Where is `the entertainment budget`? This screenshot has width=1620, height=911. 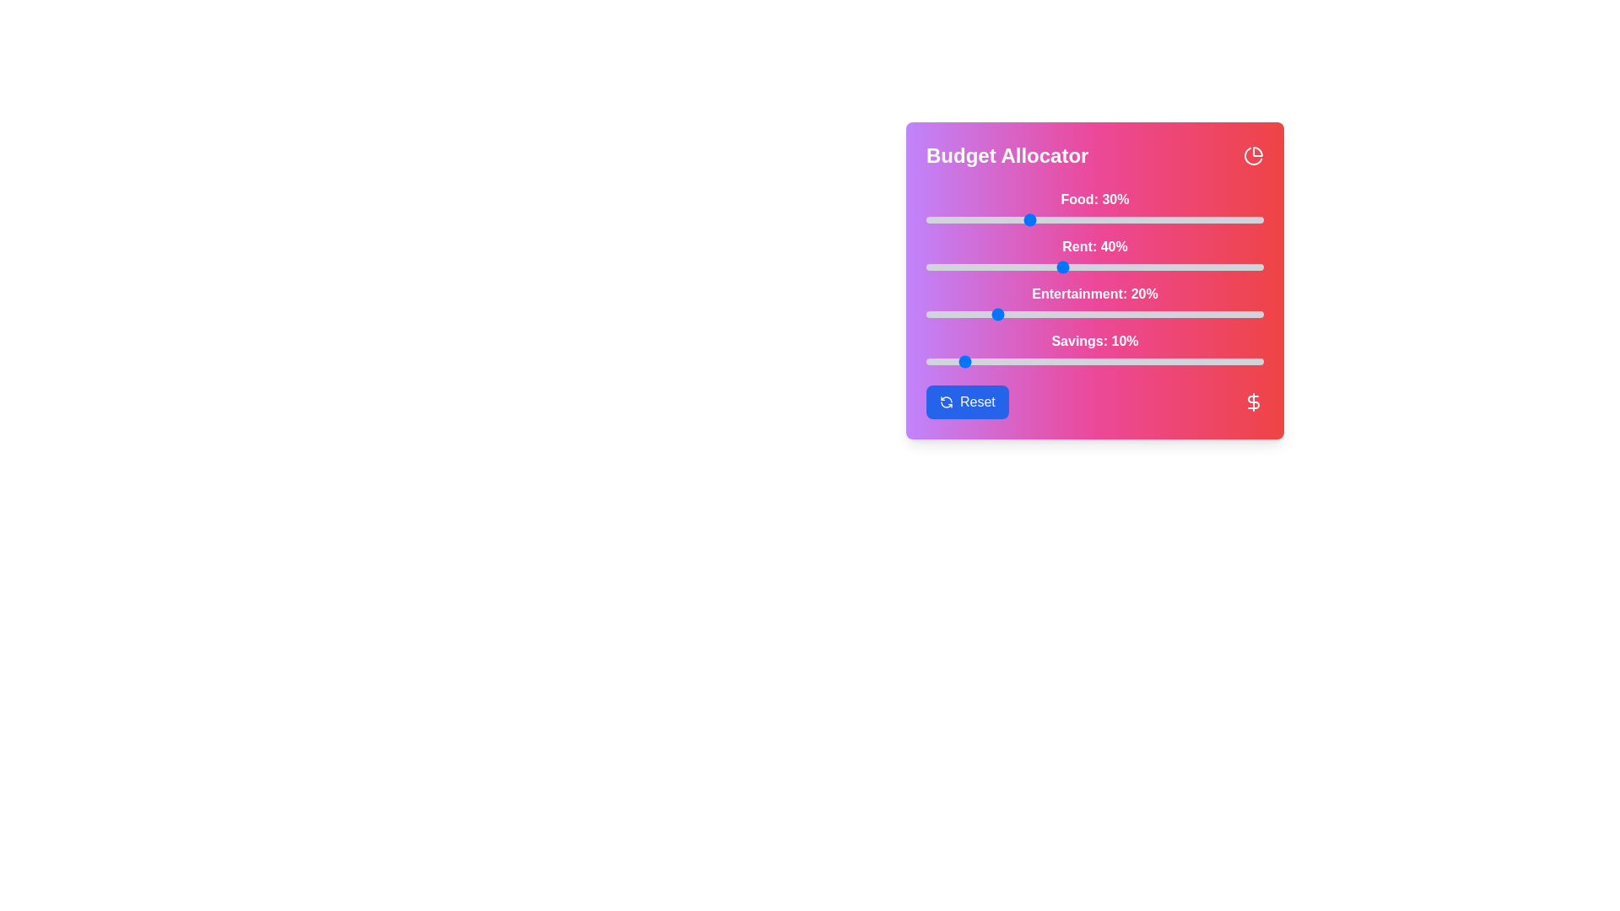
the entertainment budget is located at coordinates (1000, 315).